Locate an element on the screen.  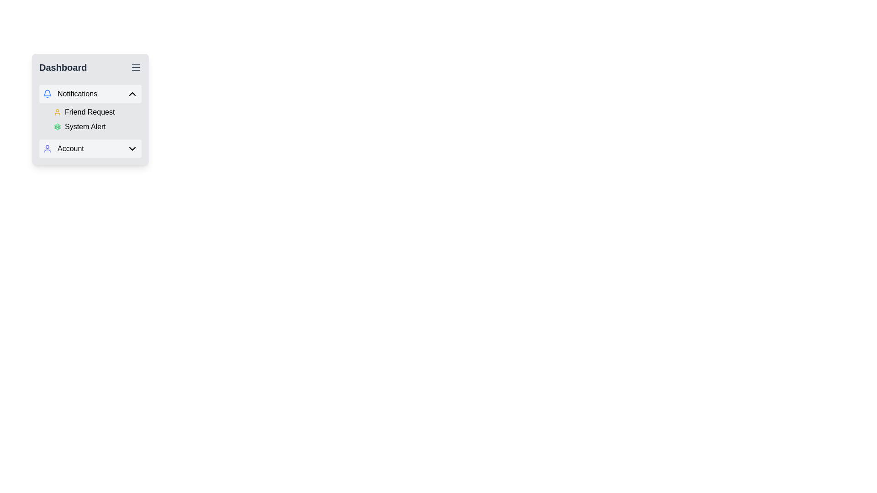
the chevron icon located in the bottom-right corner of the 'Account' entry in the navigation panel is located at coordinates (132, 148).